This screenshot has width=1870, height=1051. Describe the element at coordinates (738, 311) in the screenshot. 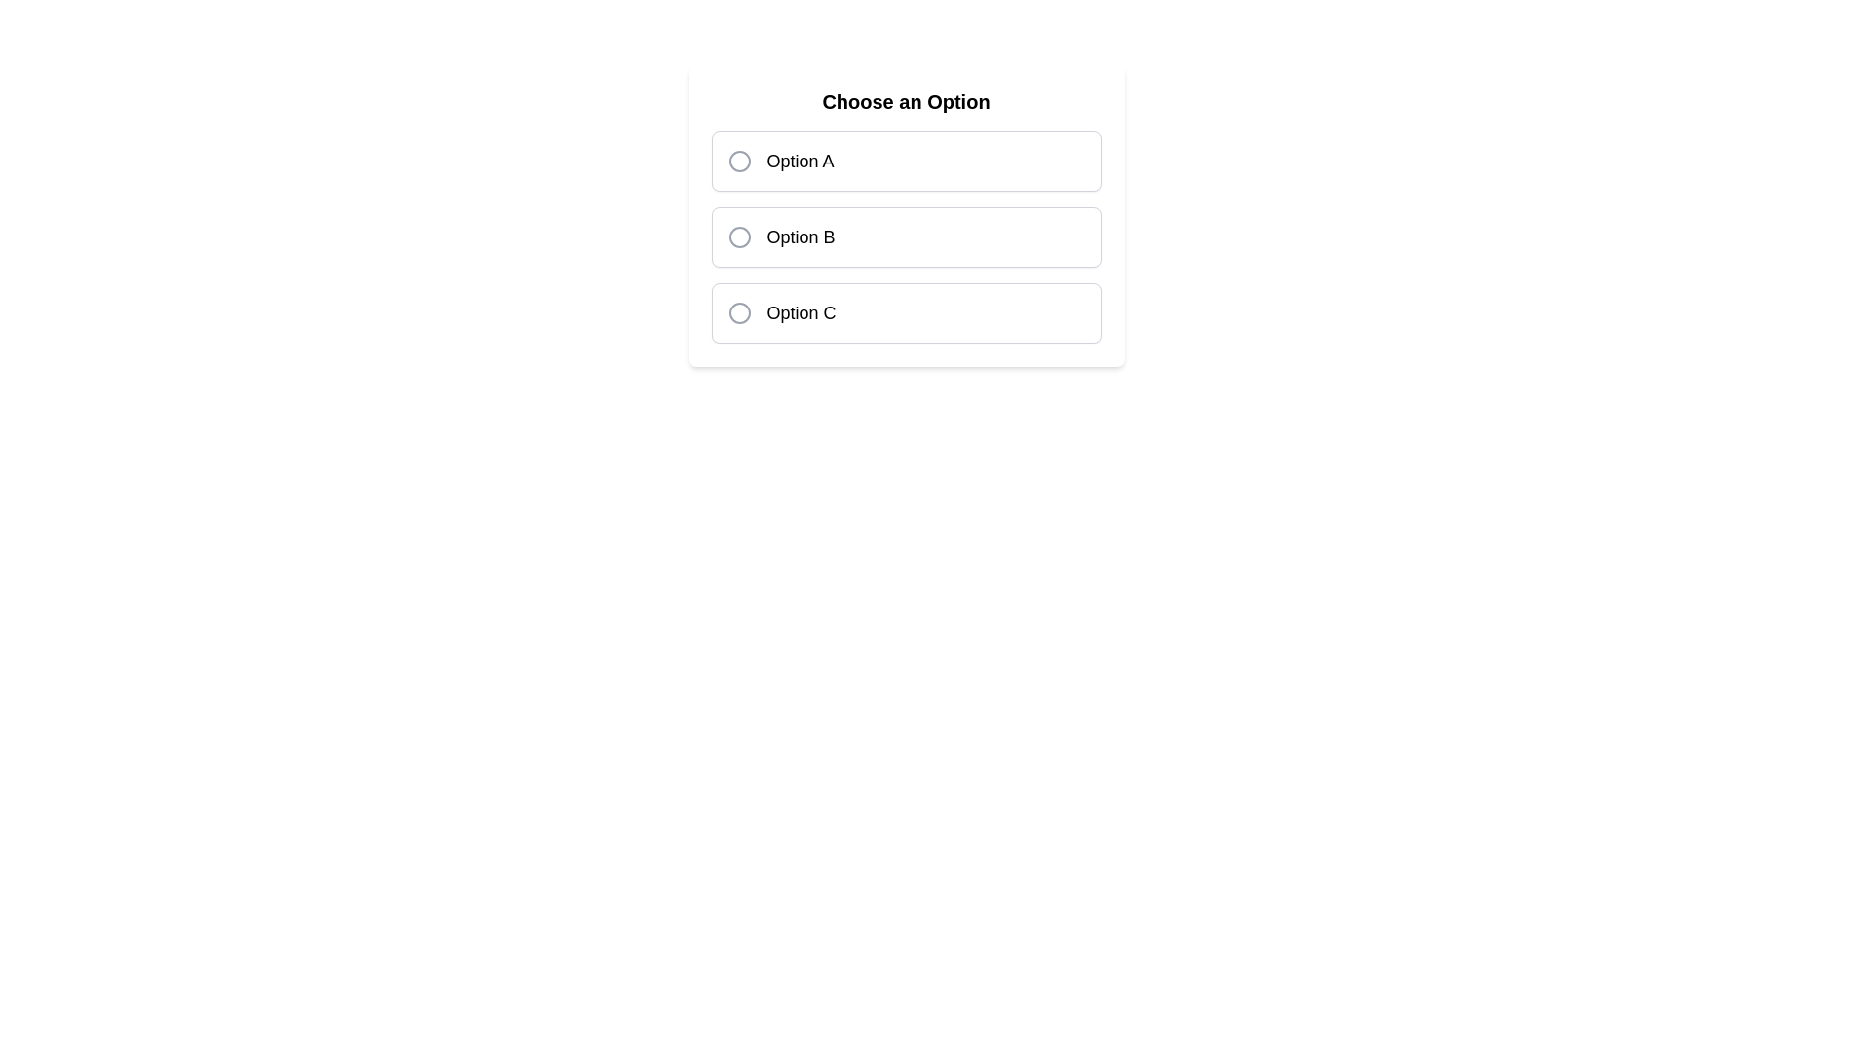

I see `SVG element styled as part of the radio button for 'Option C', which is centered within the third radio button option in the vertical list` at that location.